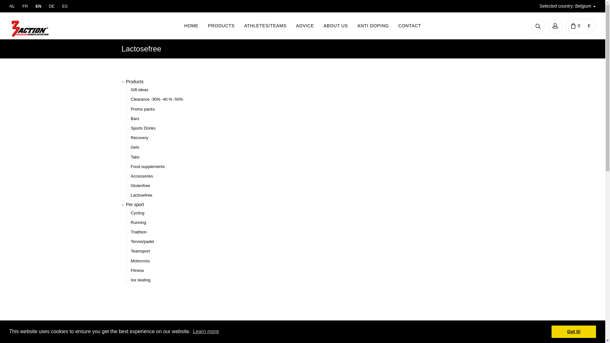 This screenshot has height=343, width=610. I want to click on 'Motocross', so click(140, 261).